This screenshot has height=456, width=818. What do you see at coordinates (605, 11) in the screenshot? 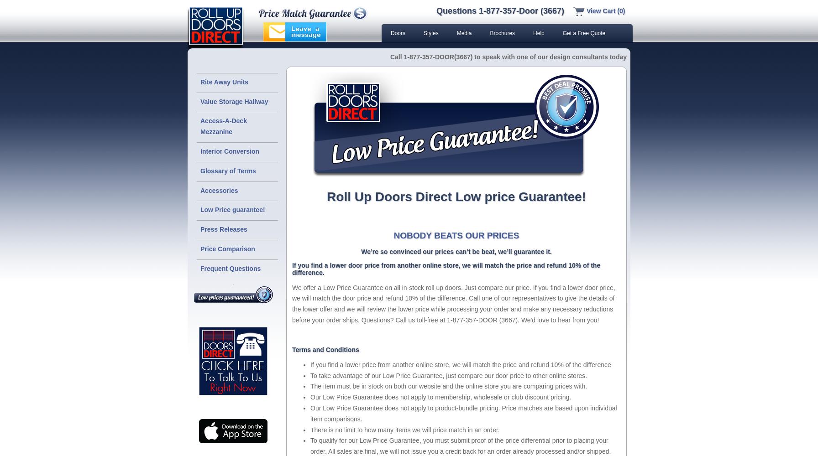
I see `'View Cart (0)'` at bounding box center [605, 11].